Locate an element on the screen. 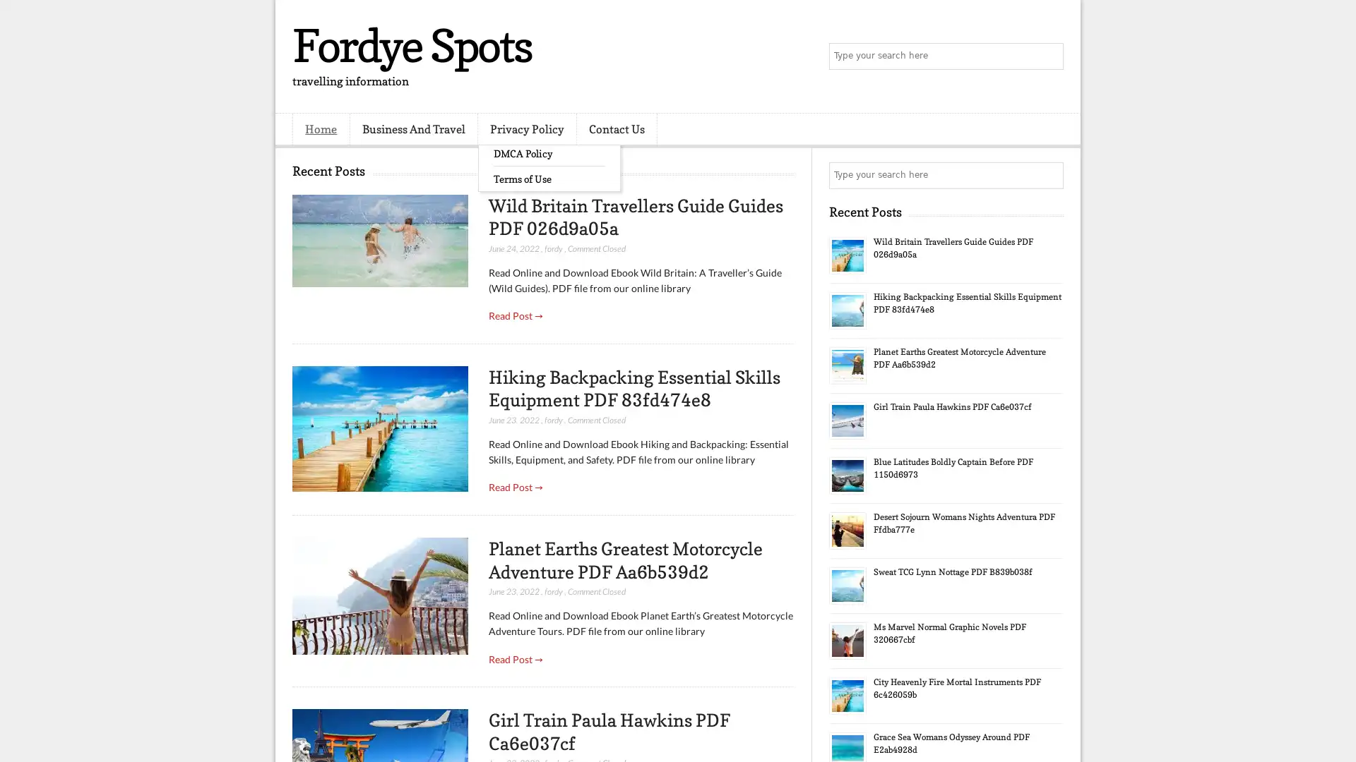 This screenshot has width=1356, height=762. Search is located at coordinates (1049, 56).